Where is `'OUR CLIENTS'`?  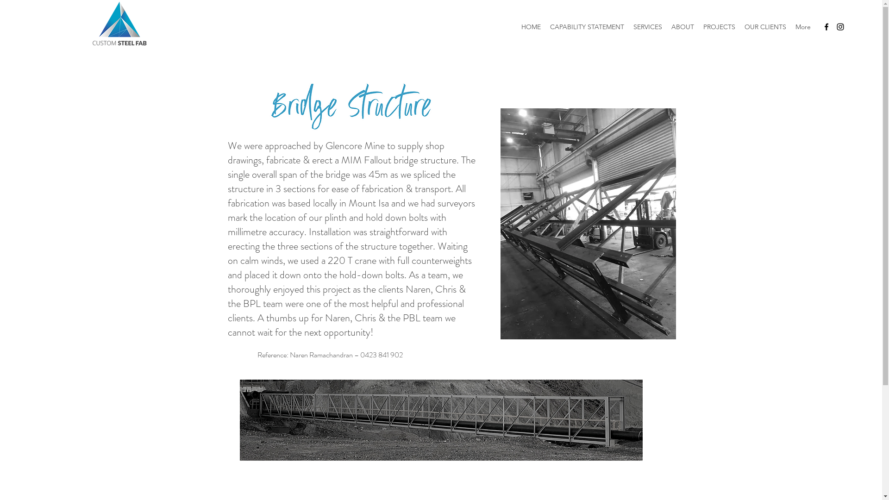 'OUR CLIENTS' is located at coordinates (739, 26).